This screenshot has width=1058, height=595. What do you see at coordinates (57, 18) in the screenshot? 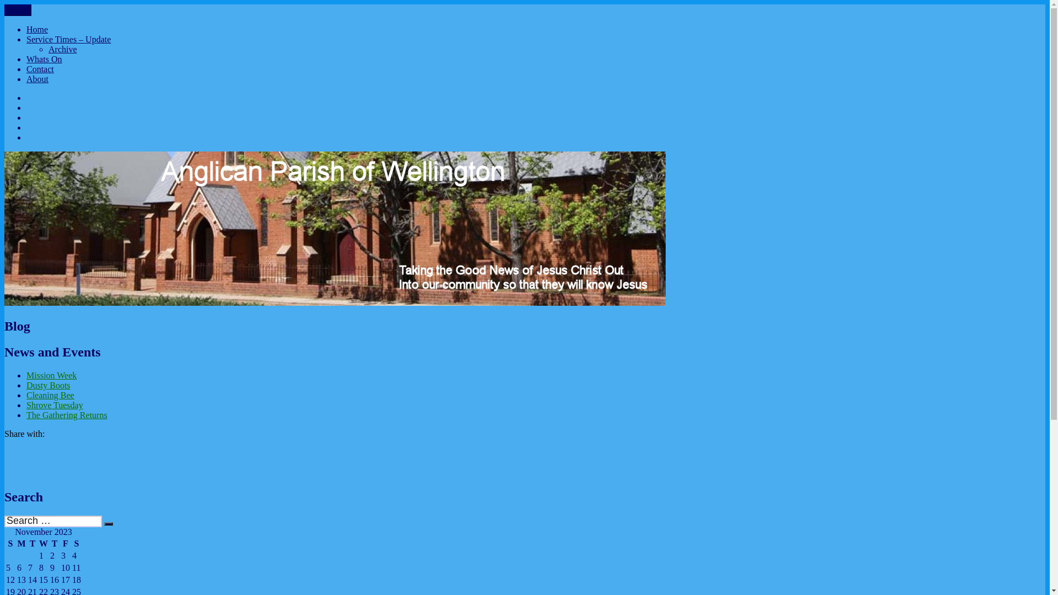
I see `'Anglican Parish of Wellington'` at bounding box center [57, 18].